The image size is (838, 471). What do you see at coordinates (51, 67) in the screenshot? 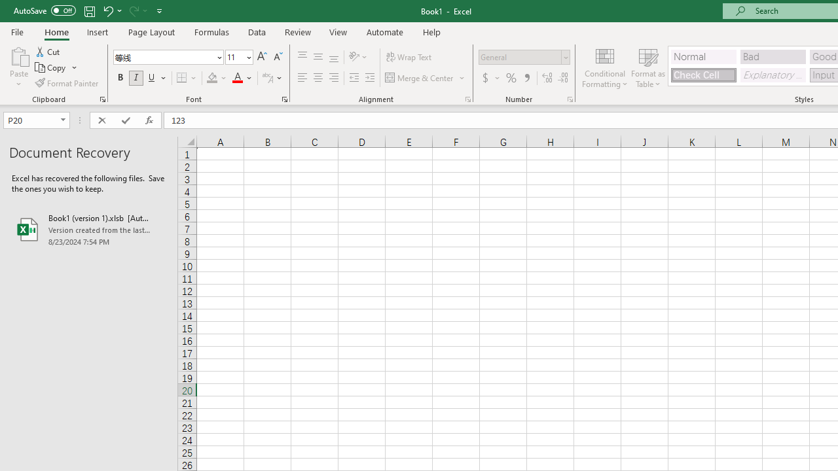
I see `'Copy'` at bounding box center [51, 67].